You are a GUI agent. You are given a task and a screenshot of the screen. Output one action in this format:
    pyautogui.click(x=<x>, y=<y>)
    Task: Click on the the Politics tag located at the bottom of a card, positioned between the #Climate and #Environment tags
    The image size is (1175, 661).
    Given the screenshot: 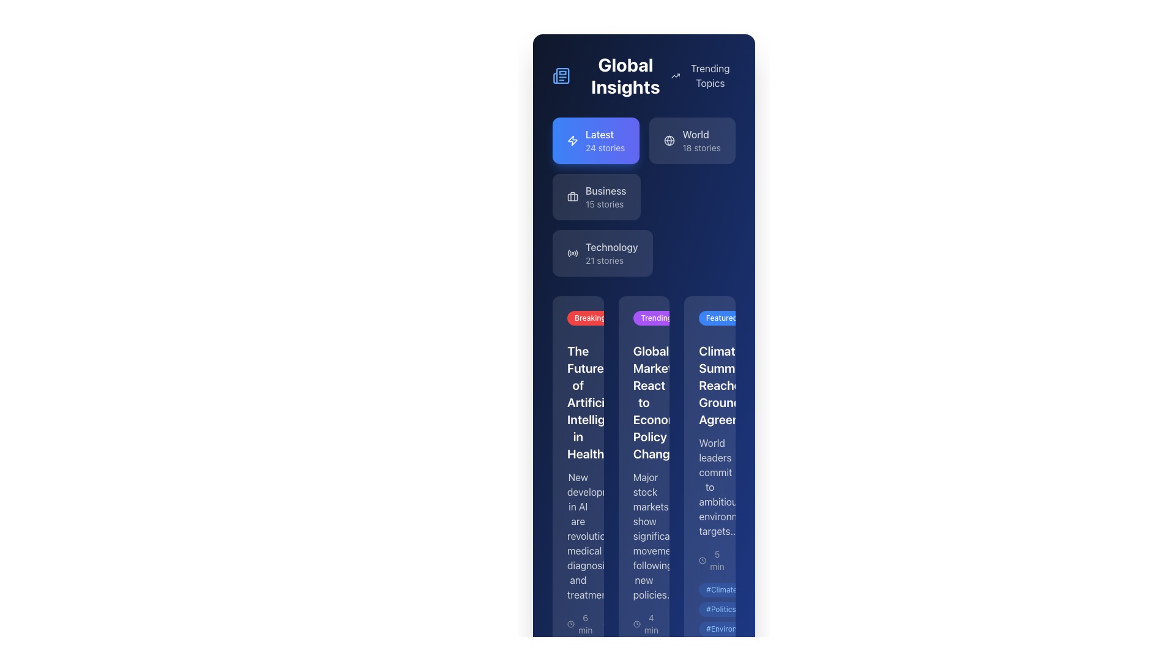 What is the action you would take?
    pyautogui.click(x=721, y=609)
    